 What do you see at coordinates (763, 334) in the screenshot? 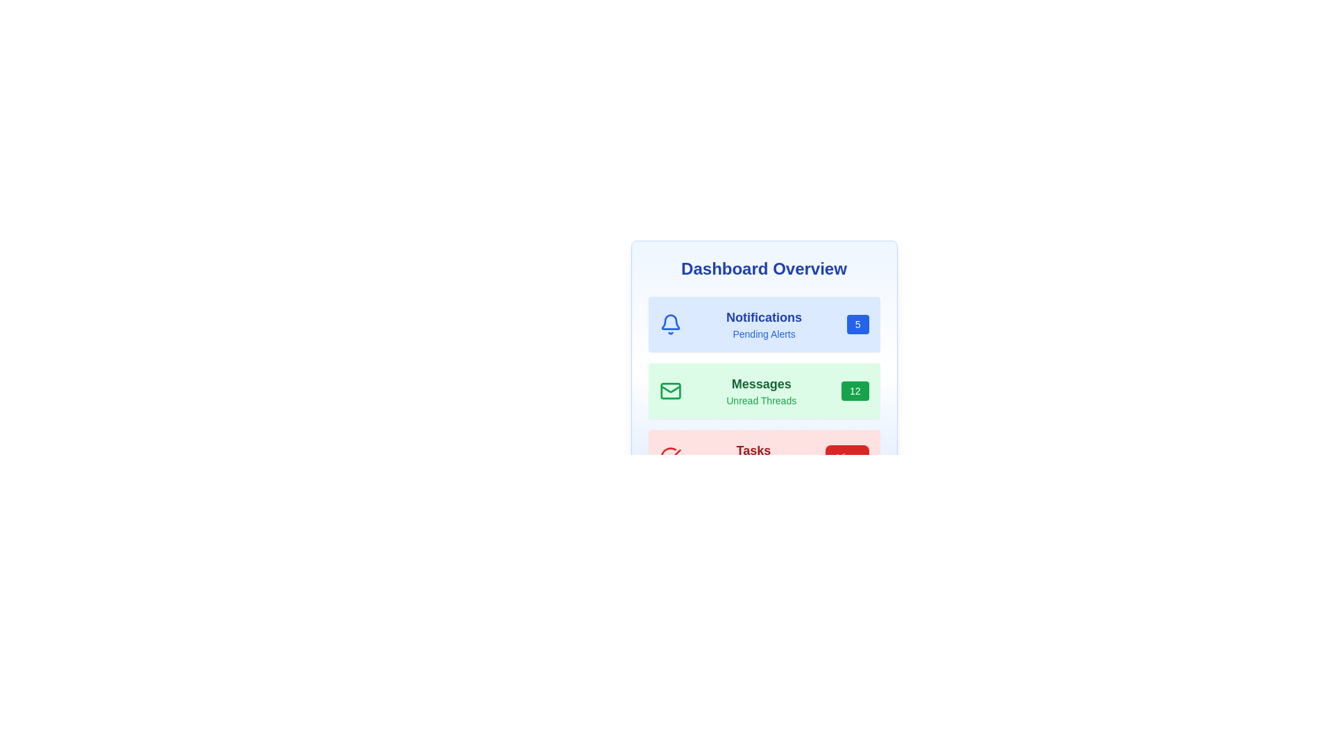
I see `the 'Pending Alerts' text label, which is a small blue text below the 'Notifications' title in the dashboard interface` at bounding box center [763, 334].